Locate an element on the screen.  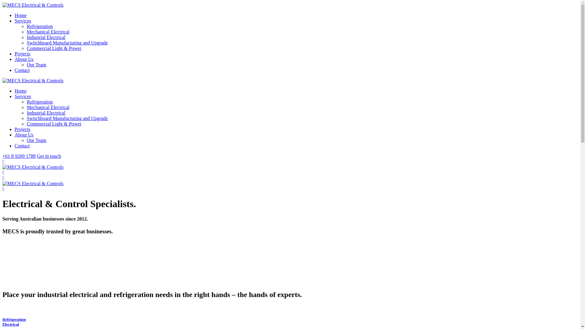
'Contact' is located at coordinates (22, 146).